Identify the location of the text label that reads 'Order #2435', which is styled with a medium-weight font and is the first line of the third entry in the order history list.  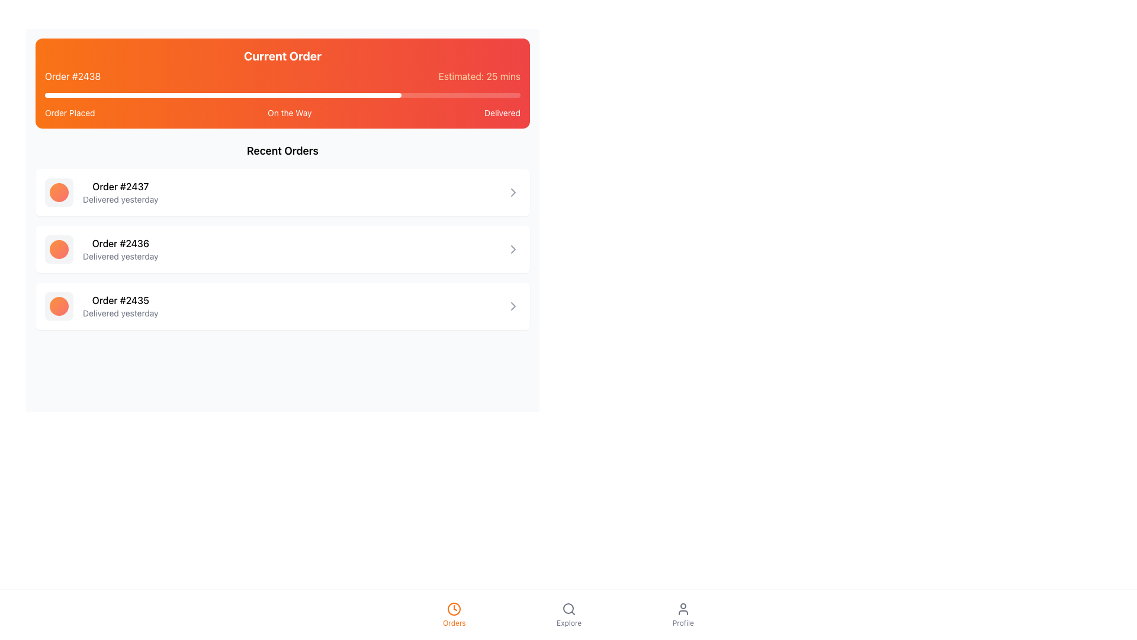
(120, 299).